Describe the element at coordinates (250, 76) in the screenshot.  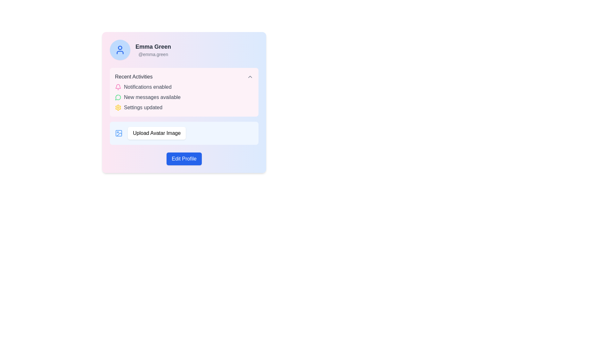
I see `the downward-pointing chevron icon of the Dropdown toggle button located next to the 'Recent Activities' label by moving the cursor to its center` at that location.